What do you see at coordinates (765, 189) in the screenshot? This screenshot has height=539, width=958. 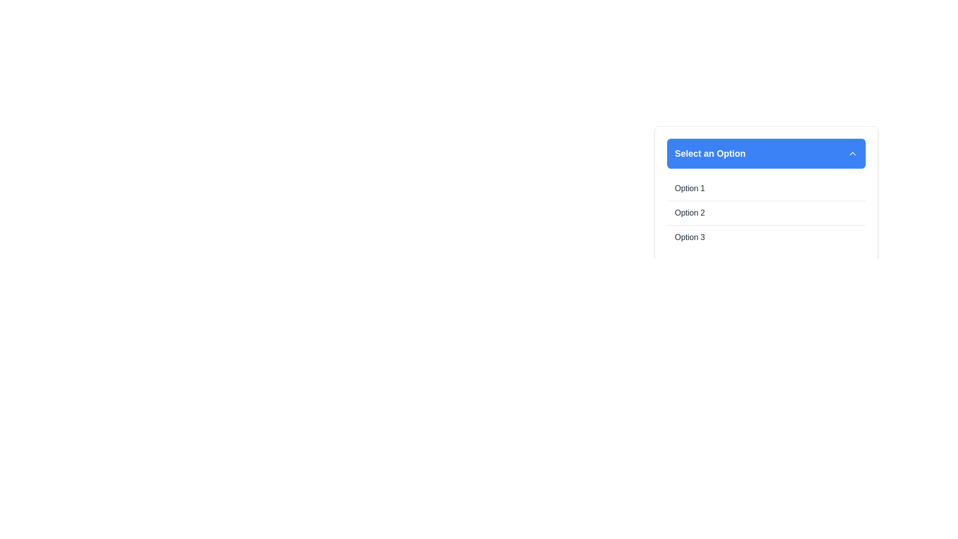 I see `the first selectable item in the dropdown menu labeled 'Select an Option'` at bounding box center [765, 189].